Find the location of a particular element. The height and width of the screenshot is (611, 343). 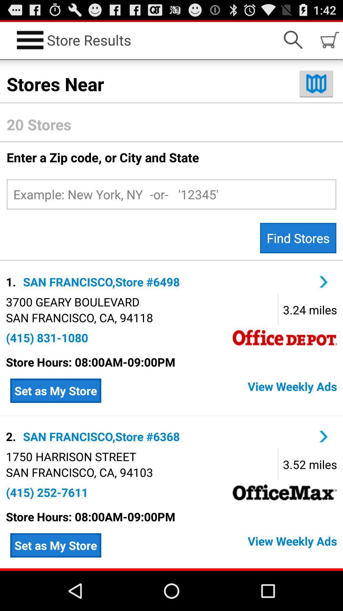

see more details is located at coordinates (324, 281).